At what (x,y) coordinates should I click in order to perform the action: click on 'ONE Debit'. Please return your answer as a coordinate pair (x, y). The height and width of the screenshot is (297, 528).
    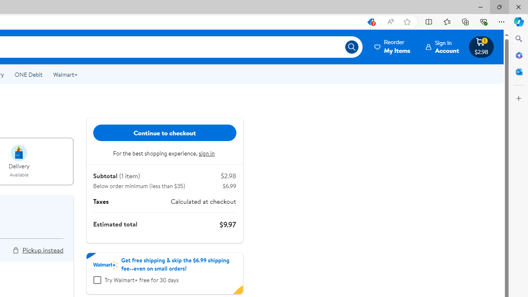
    Looking at the image, I should click on (28, 75).